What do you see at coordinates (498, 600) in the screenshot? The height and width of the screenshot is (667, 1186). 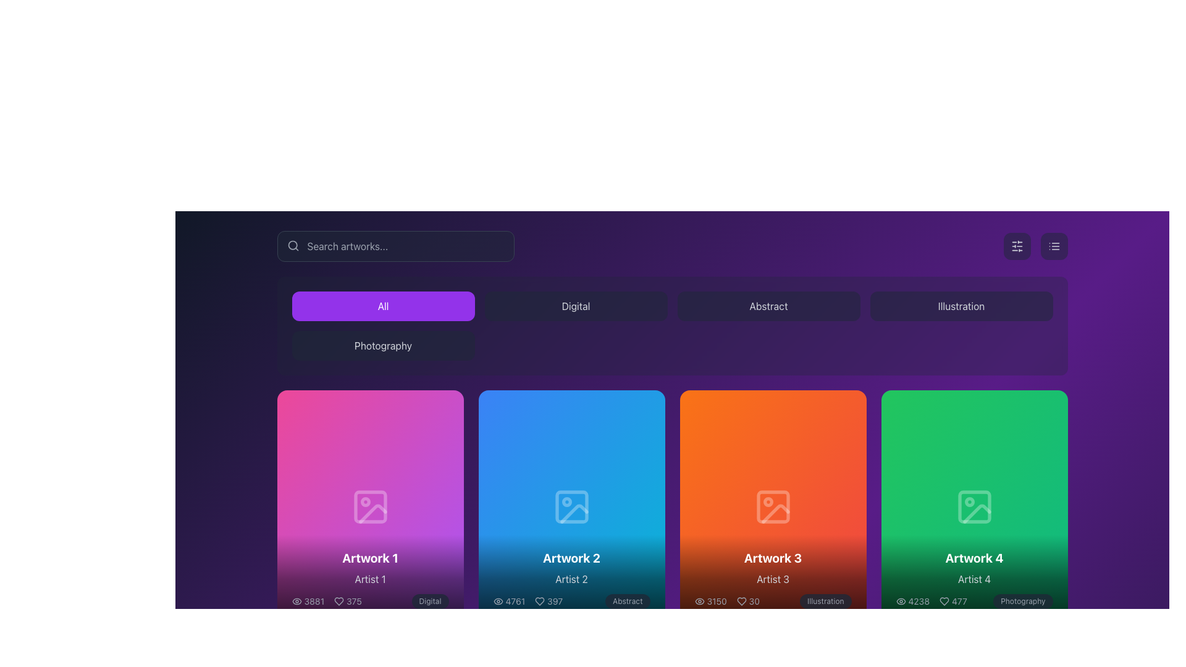 I see `the eye icon, which is part of the graphical icon set located at the bottom-center of the artwork card numbered '2'` at bounding box center [498, 600].